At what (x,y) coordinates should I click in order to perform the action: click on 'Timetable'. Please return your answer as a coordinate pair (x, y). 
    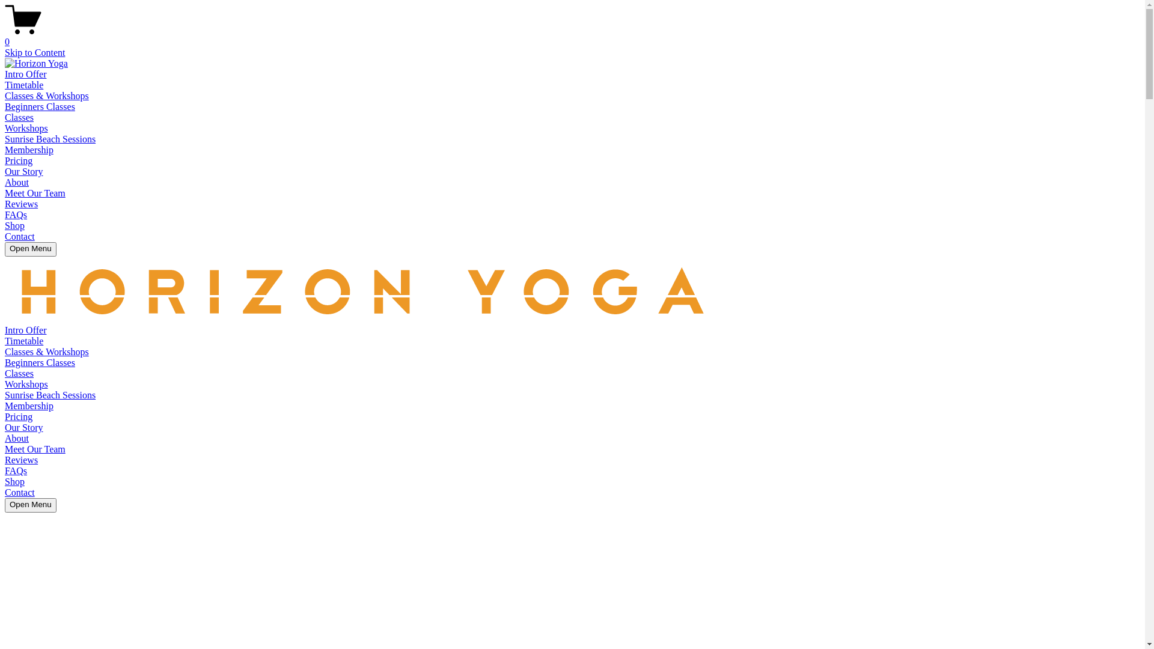
    Looking at the image, I should click on (5, 341).